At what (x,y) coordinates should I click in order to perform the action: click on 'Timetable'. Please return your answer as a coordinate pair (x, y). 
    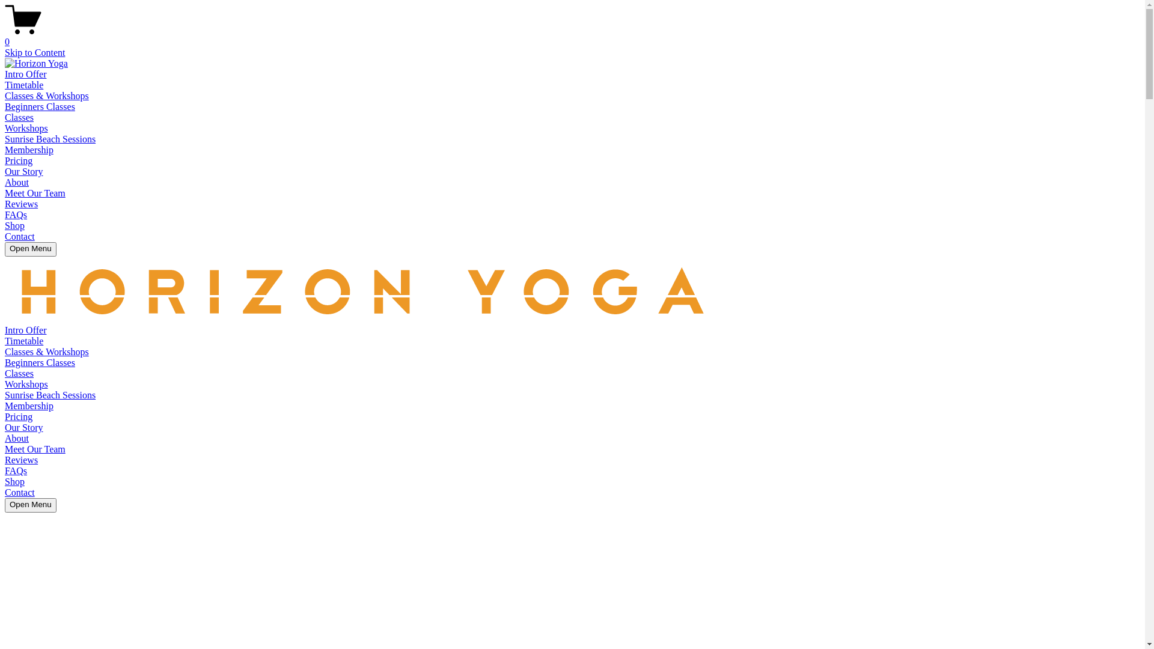
    Looking at the image, I should click on (5, 341).